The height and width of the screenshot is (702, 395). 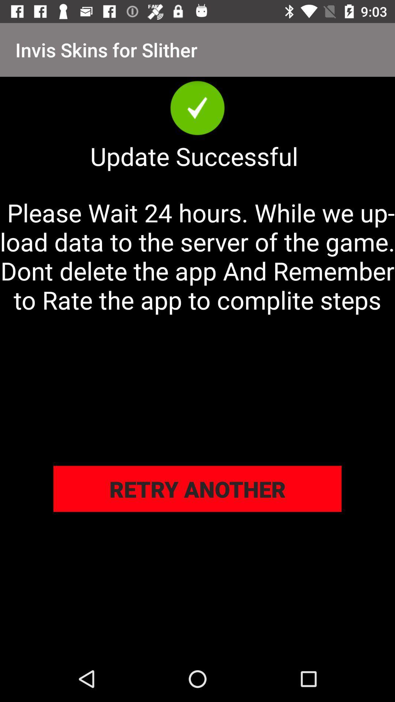 I want to click on icon below please wait 24 icon, so click(x=197, y=489).